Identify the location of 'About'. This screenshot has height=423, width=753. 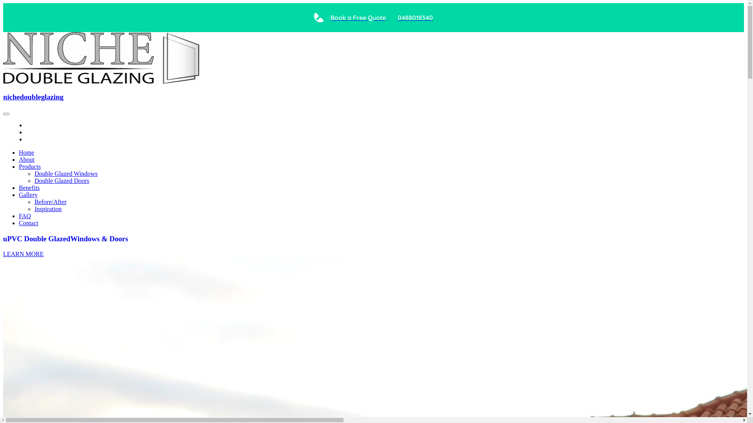
(26, 159).